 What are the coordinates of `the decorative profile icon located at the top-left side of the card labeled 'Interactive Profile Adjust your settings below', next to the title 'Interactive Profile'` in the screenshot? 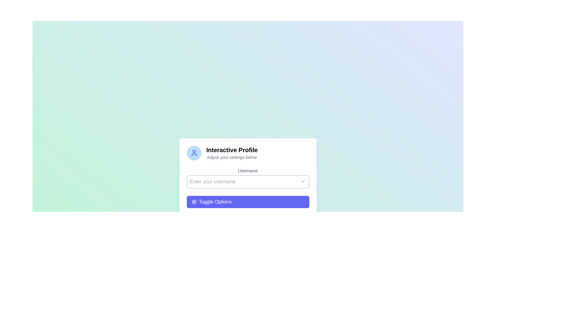 It's located at (194, 153).